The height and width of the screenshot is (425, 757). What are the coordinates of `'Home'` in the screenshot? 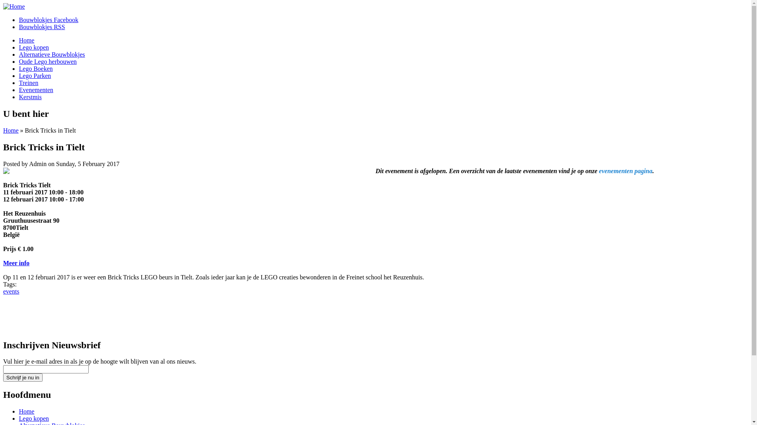 It's located at (26, 411).